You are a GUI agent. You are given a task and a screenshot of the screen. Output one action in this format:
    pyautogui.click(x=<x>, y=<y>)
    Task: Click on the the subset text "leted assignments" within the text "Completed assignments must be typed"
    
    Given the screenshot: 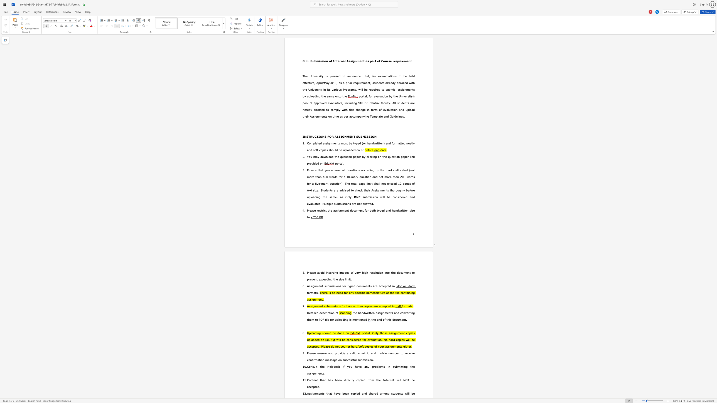 What is the action you would take?
    pyautogui.click(x=315, y=143)
    